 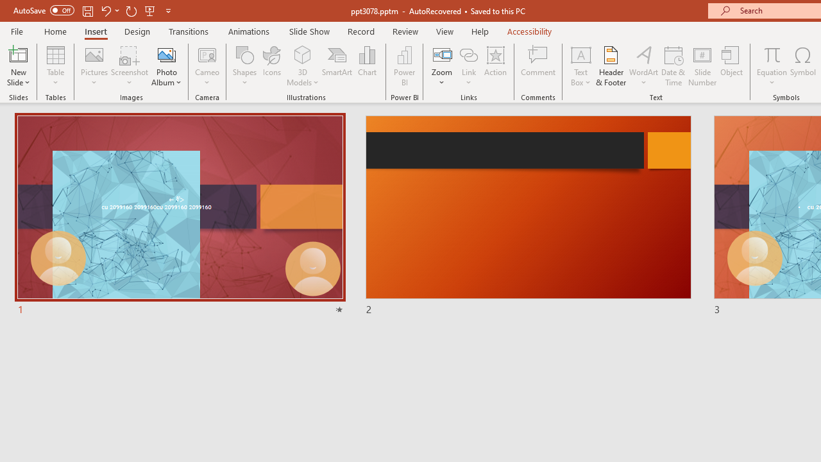 What do you see at coordinates (702, 66) in the screenshot?
I see `'Slide Number'` at bounding box center [702, 66].